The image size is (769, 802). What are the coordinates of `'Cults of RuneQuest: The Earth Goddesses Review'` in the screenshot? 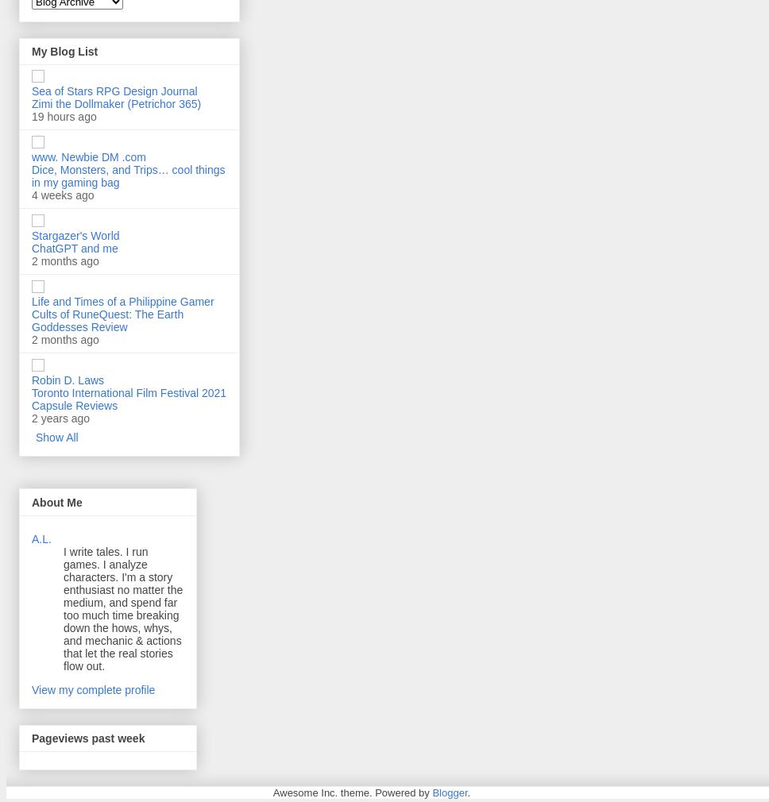 It's located at (106, 321).